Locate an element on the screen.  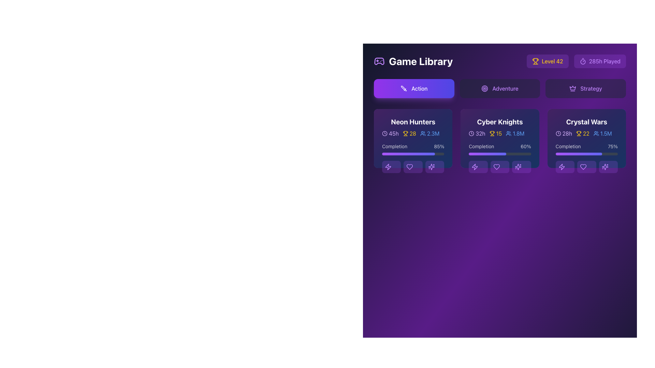
the trophy icon indicating the count of achievements (22) associated with the game 'Crystal Wars' in the game library interface is located at coordinates (582, 134).